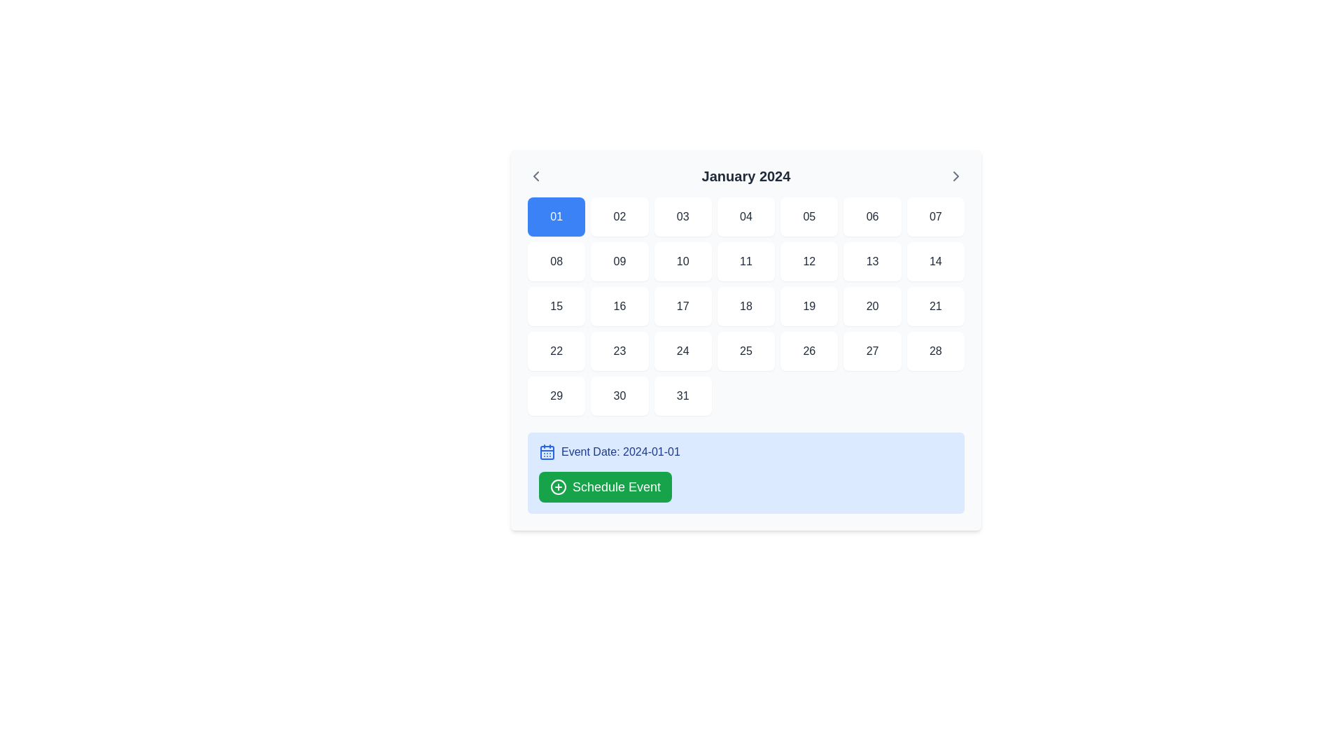  What do you see at coordinates (809, 306) in the screenshot?
I see `the square button with rounded corners, white background, and the text '19' in black, located in the third row and fifth column of the grid layout` at bounding box center [809, 306].